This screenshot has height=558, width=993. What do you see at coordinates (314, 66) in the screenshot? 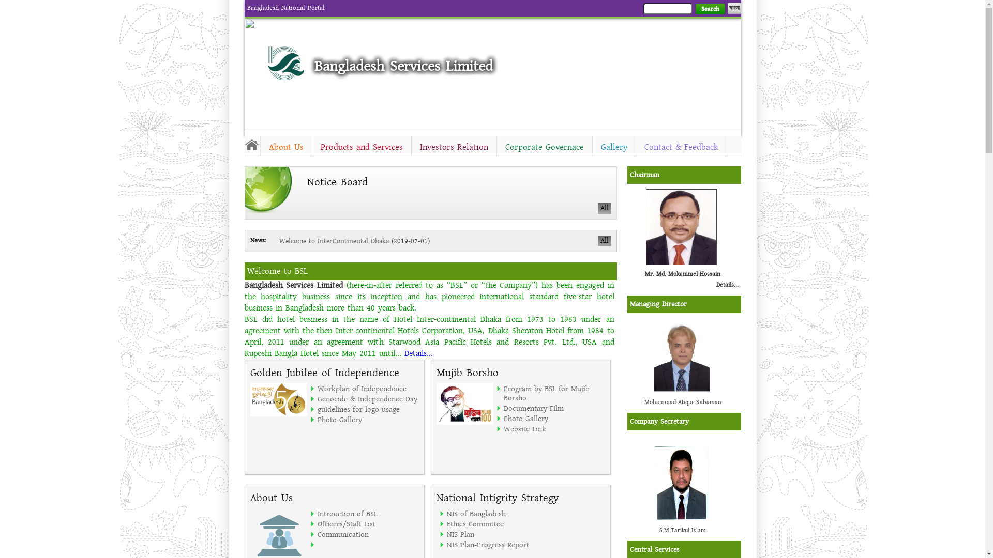
I see `'Bangladesh Services Limited'` at bounding box center [314, 66].